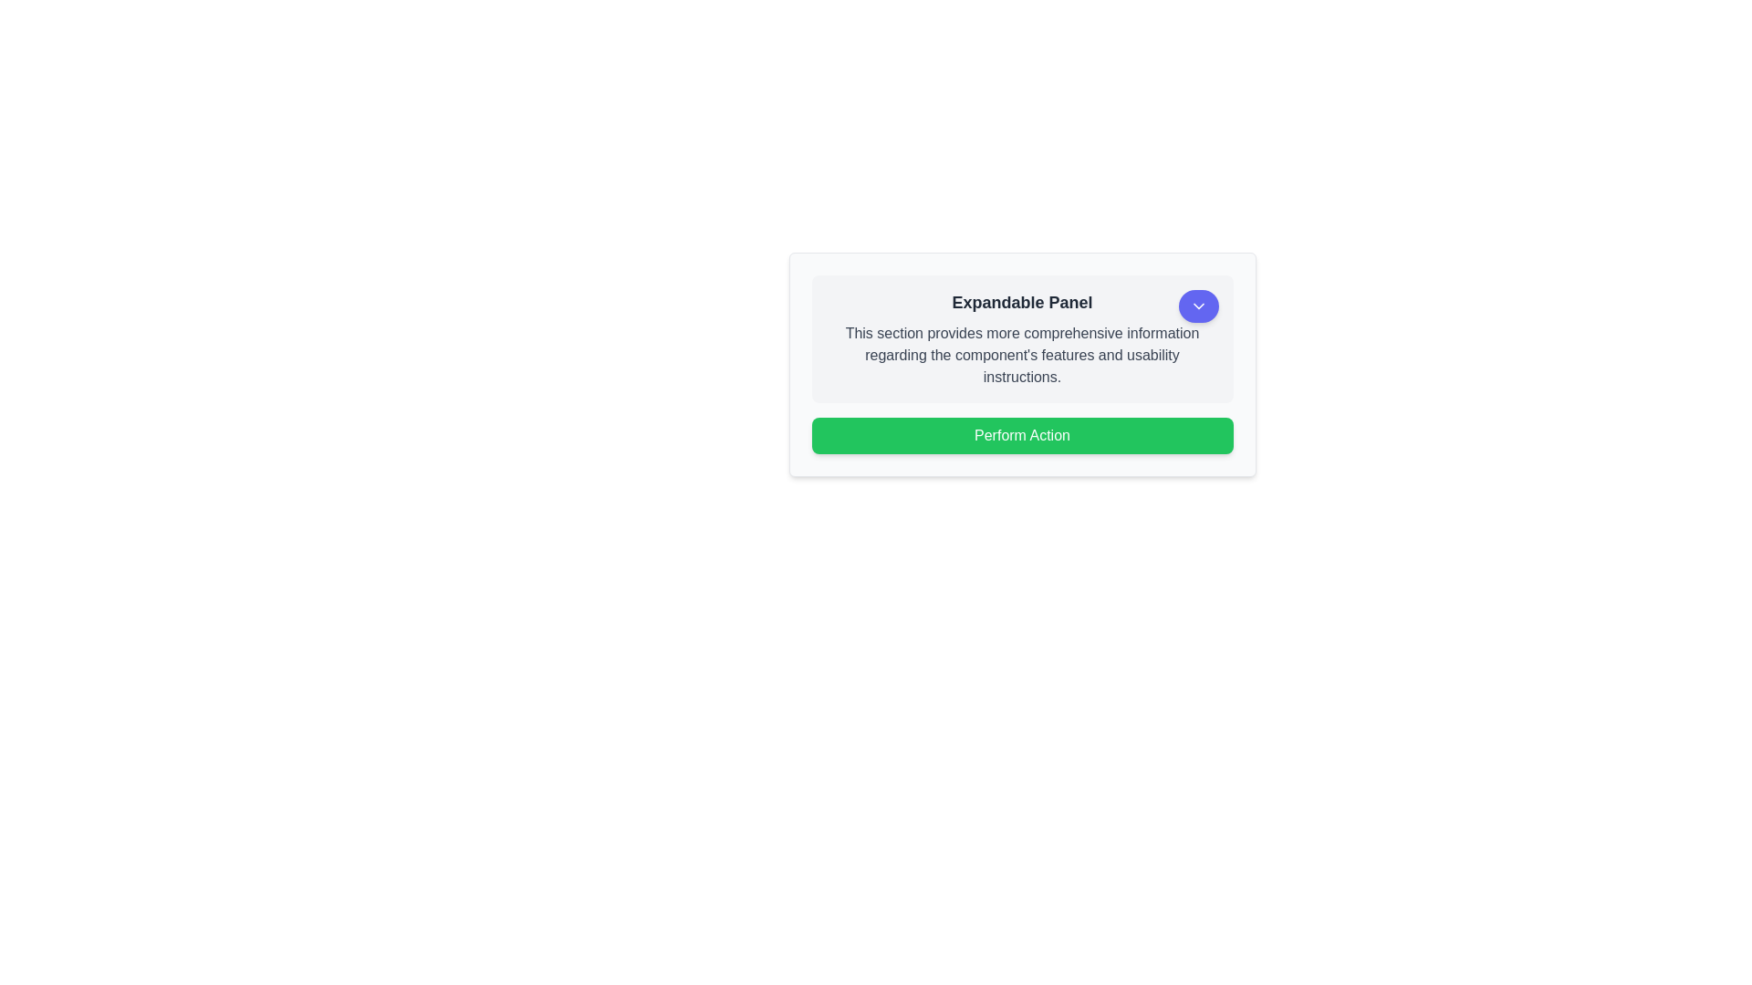 Image resolution: width=1752 pixels, height=985 pixels. I want to click on the circular button with a vibrant purple background and a white downward-facing chevron icon at its center, so click(1198, 305).